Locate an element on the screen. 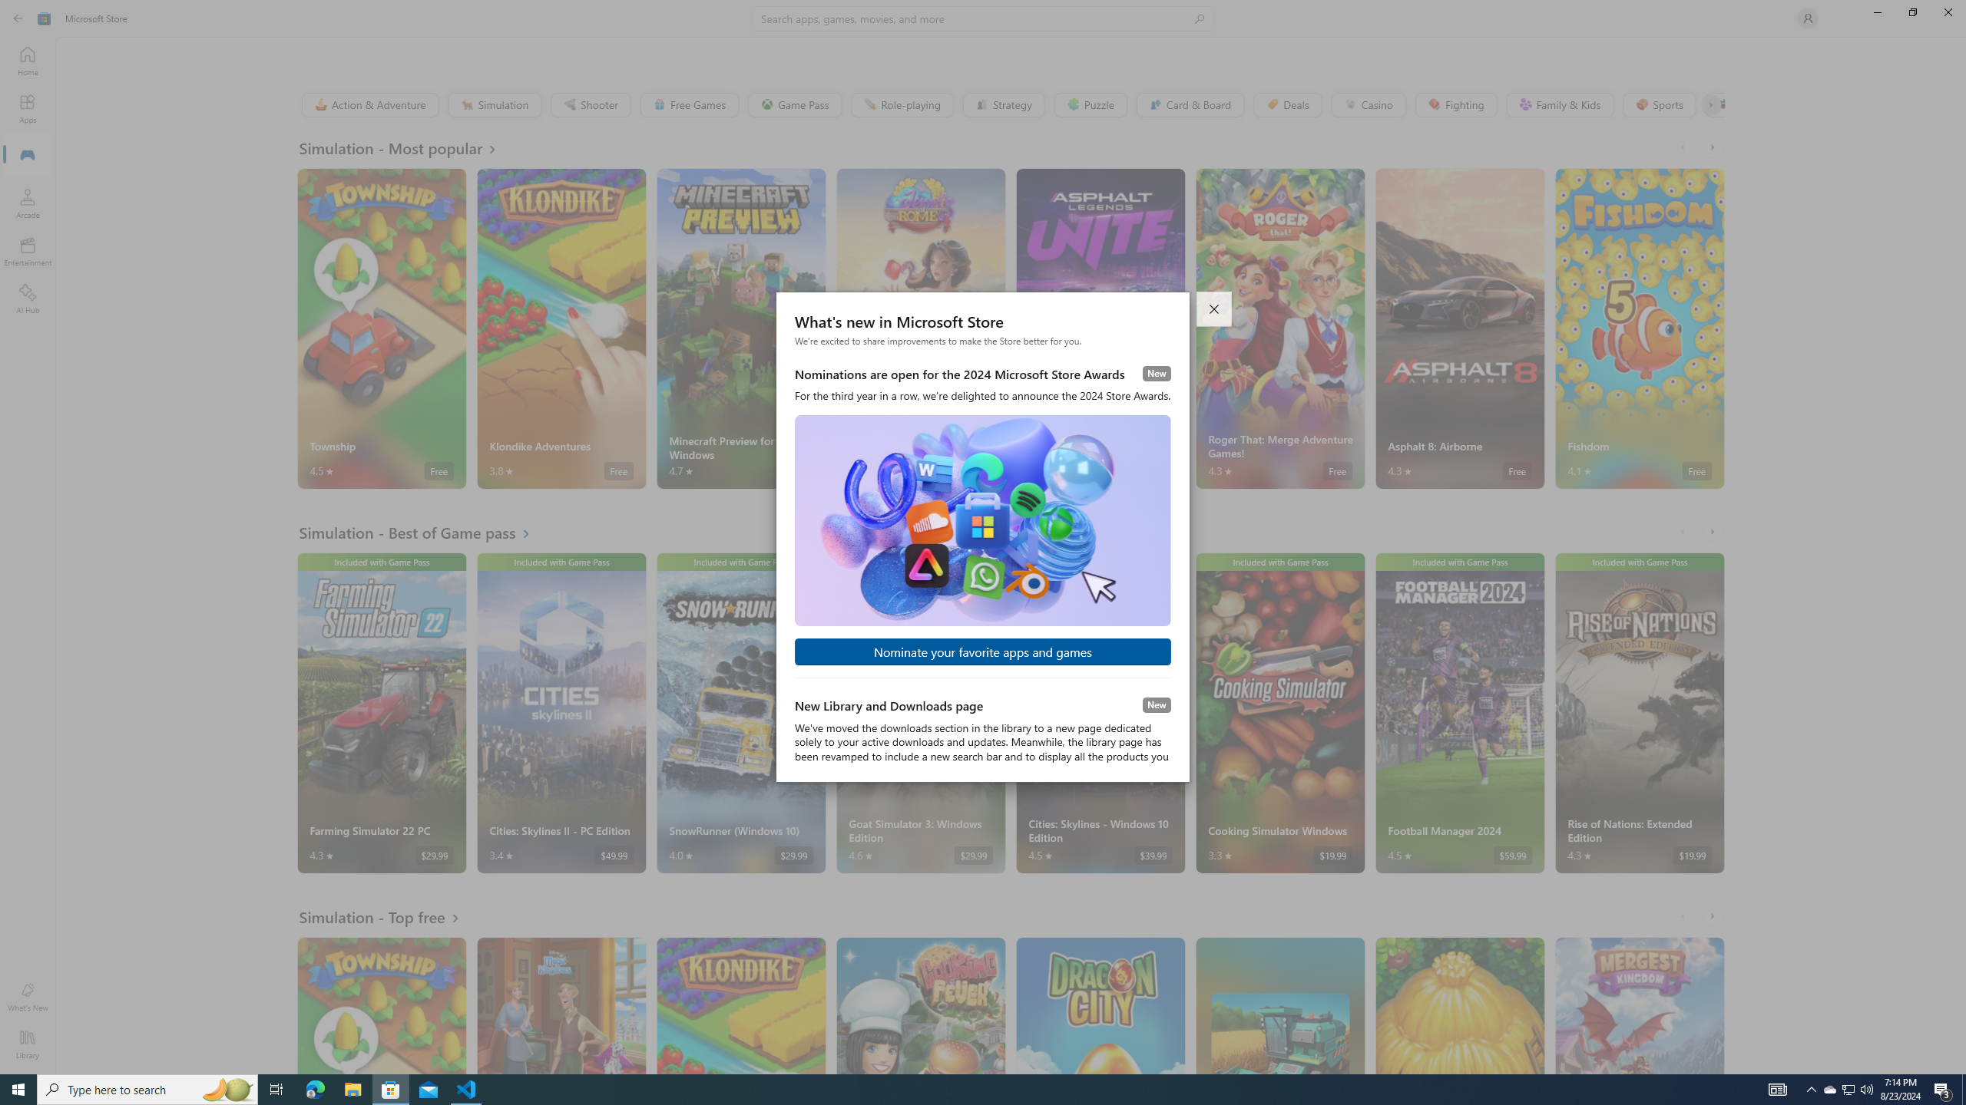 The height and width of the screenshot is (1105, 1966). 'Deals' is located at coordinates (1286, 104).